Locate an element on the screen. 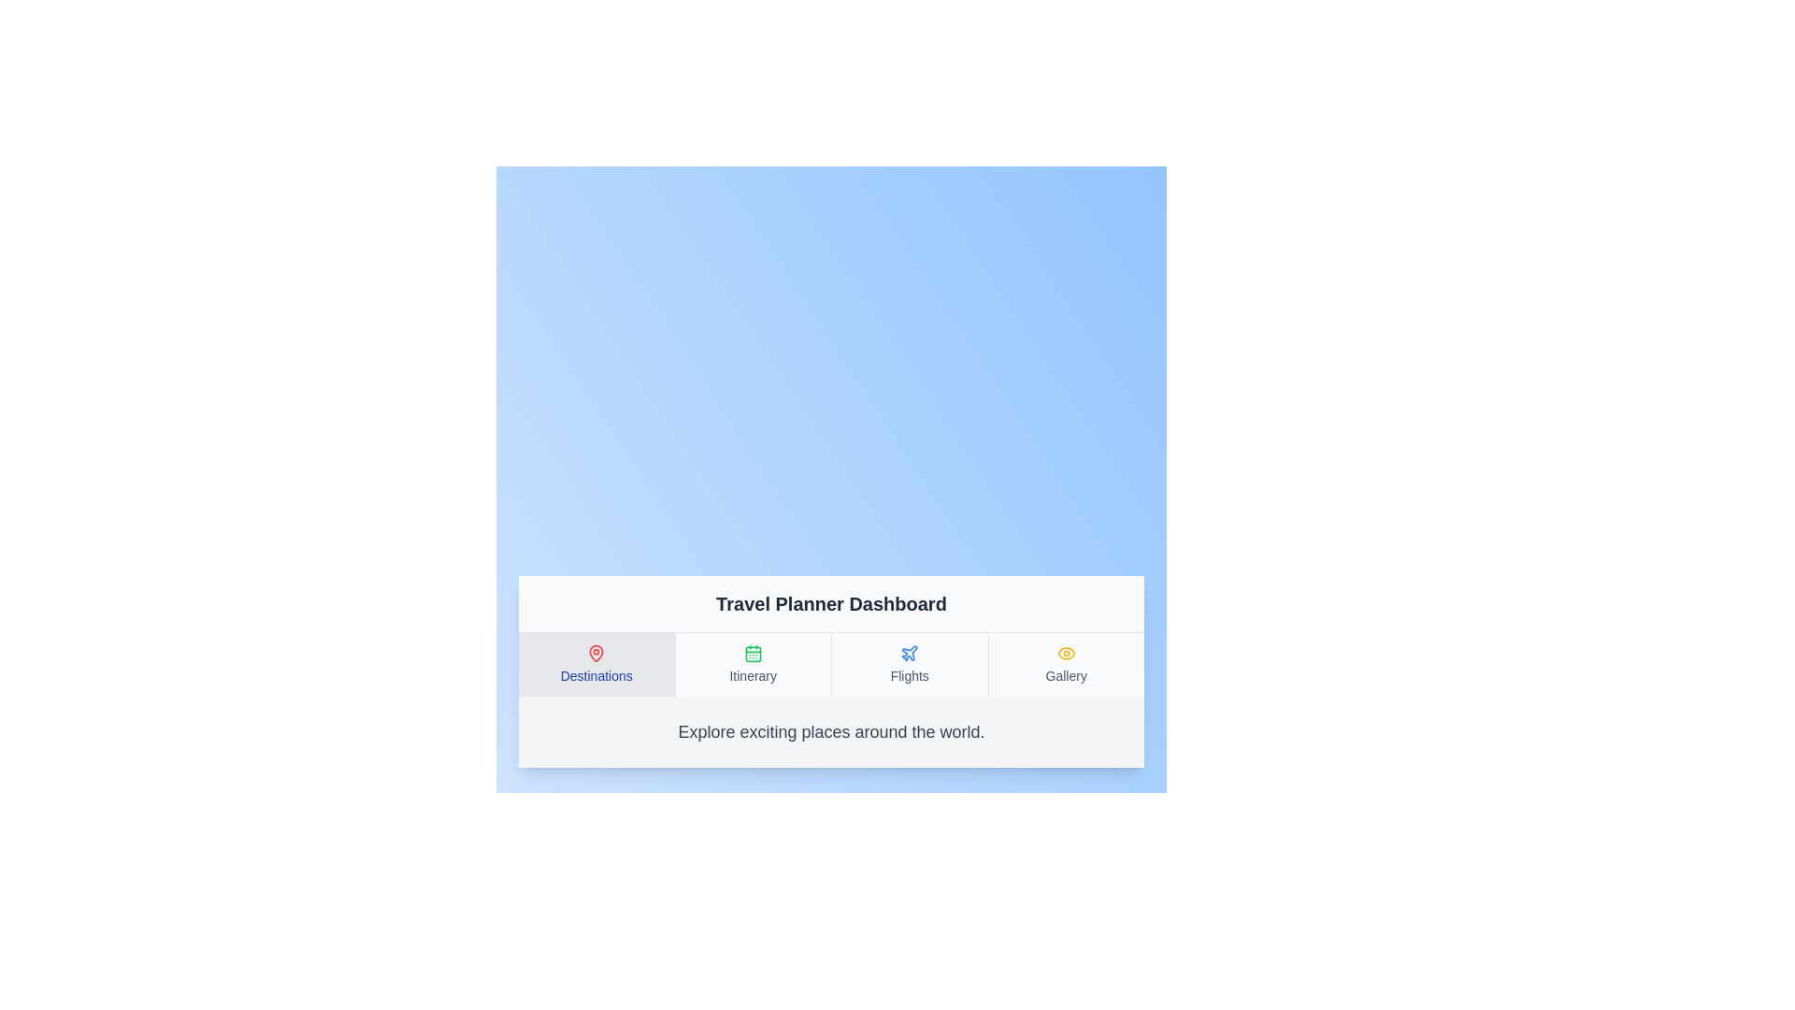 Image resolution: width=1795 pixels, height=1010 pixels. the button-like navigation item with a green calendar icon and the label 'Itinerary' is located at coordinates (753, 663).